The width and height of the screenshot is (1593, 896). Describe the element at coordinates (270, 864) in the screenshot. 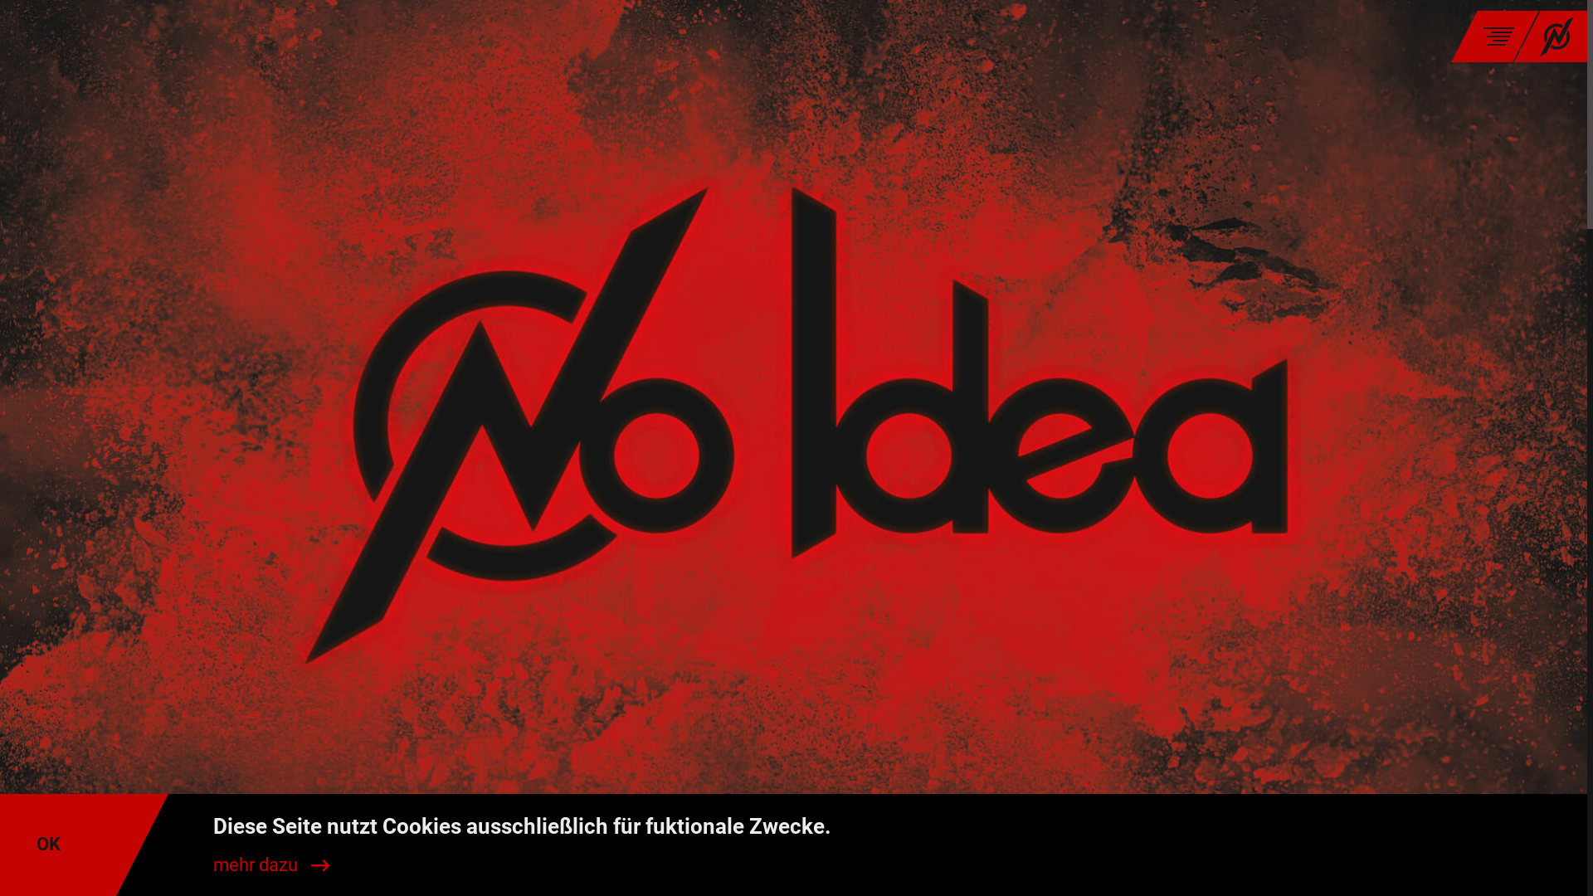

I see `'mehr dazu'` at that location.